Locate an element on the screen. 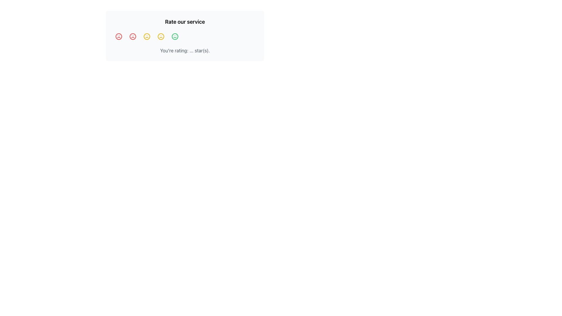 This screenshot has width=562, height=316. the red frowning face icon, which is the second icon from the left in the rating section labeled 'Rate our service' is located at coordinates (133, 36).